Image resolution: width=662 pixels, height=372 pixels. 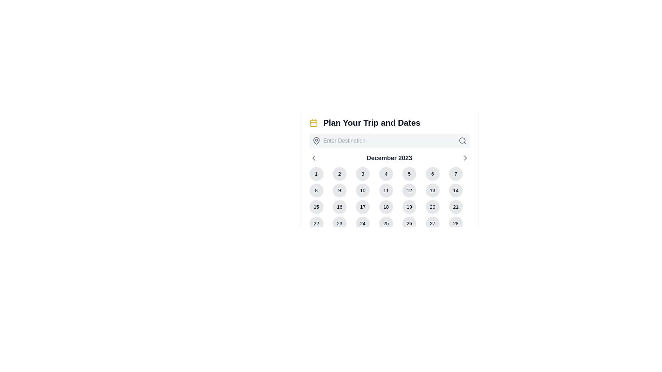 I want to click on the 'Previous' button located immediately to the left of the 'December 2023' header, so click(x=313, y=158).